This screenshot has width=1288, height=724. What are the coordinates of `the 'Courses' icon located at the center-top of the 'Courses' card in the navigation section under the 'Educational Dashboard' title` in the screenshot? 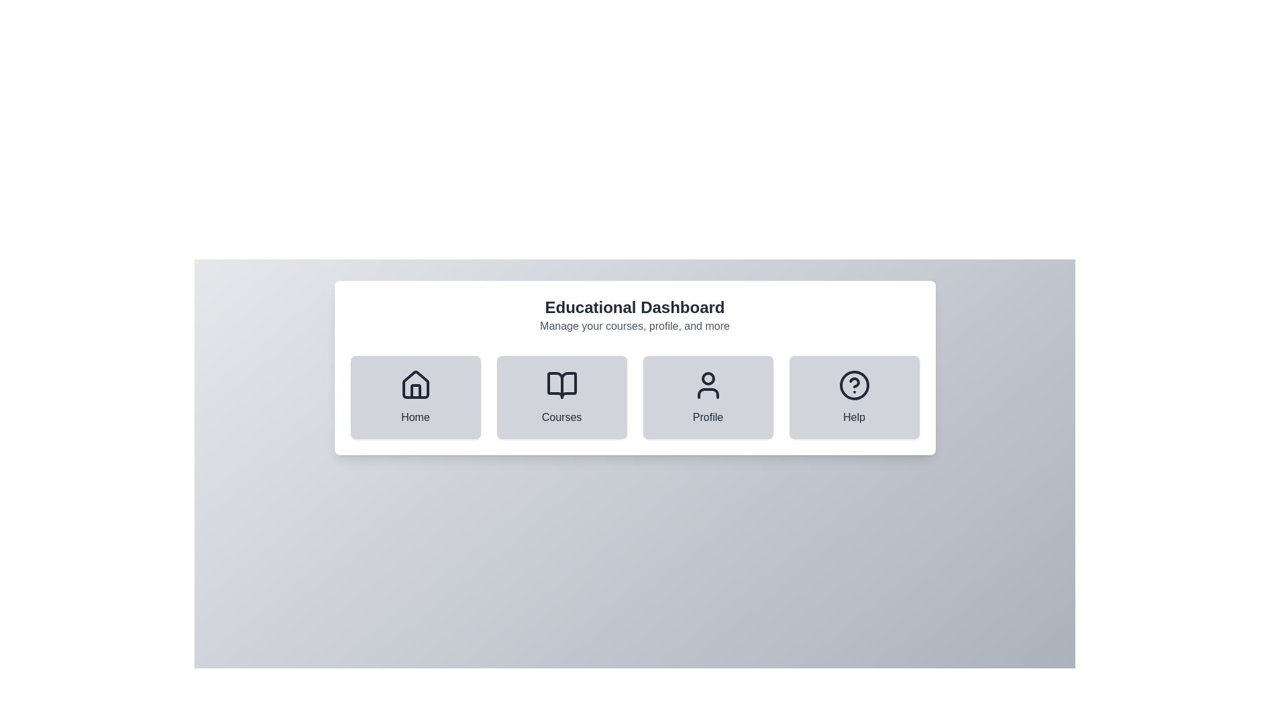 It's located at (561, 385).